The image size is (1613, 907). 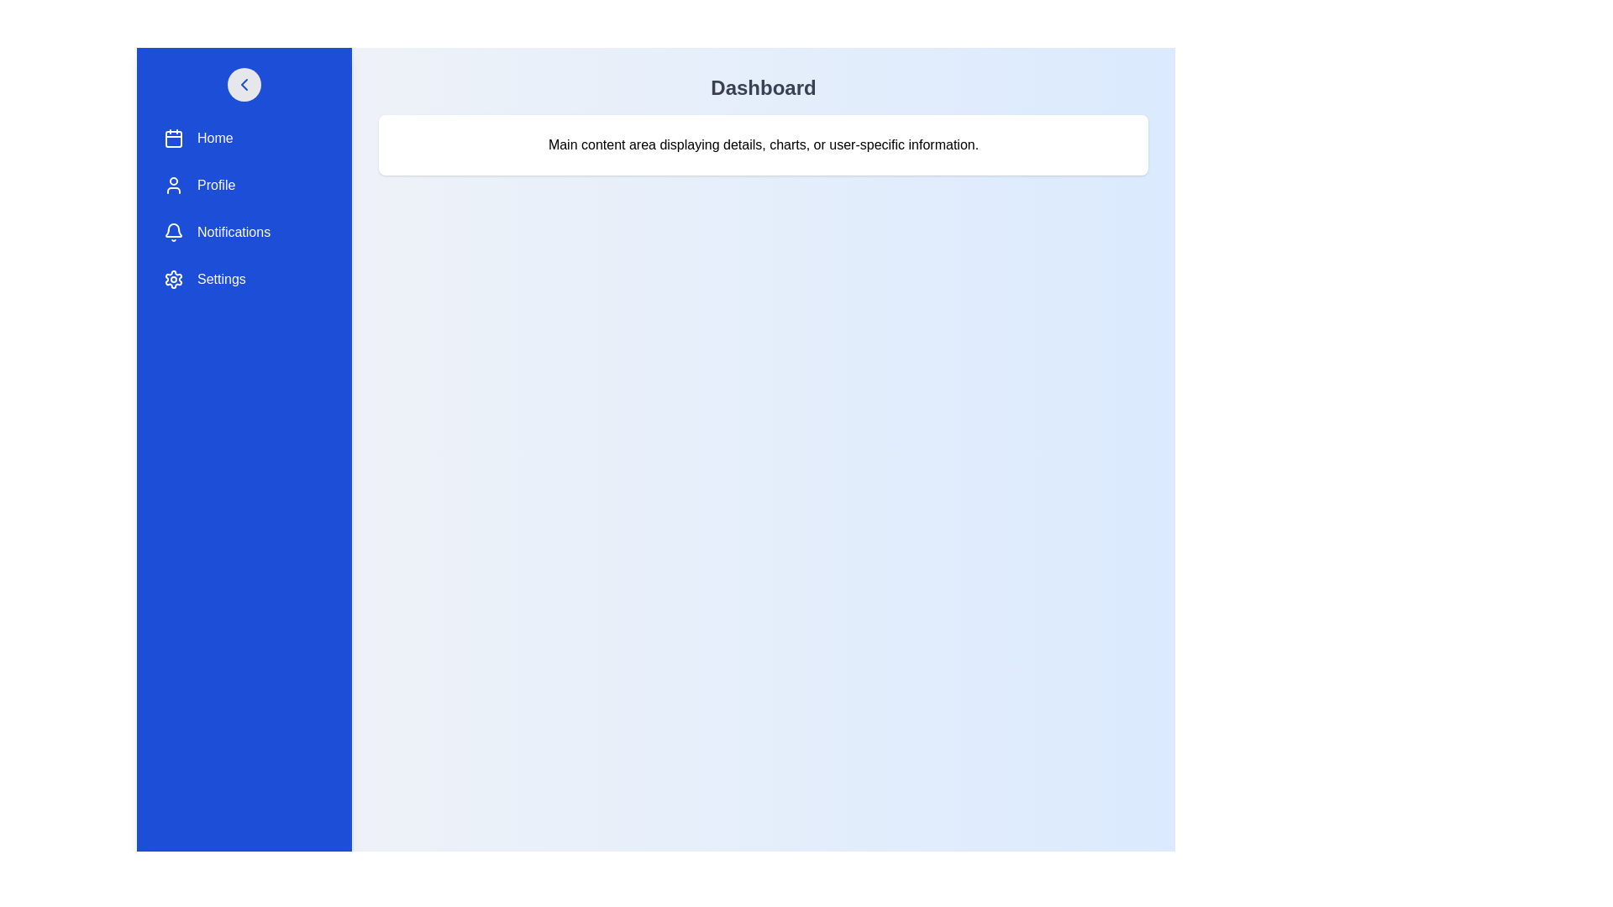 What do you see at coordinates (762, 501) in the screenshot?
I see `the main content area to focus` at bounding box center [762, 501].